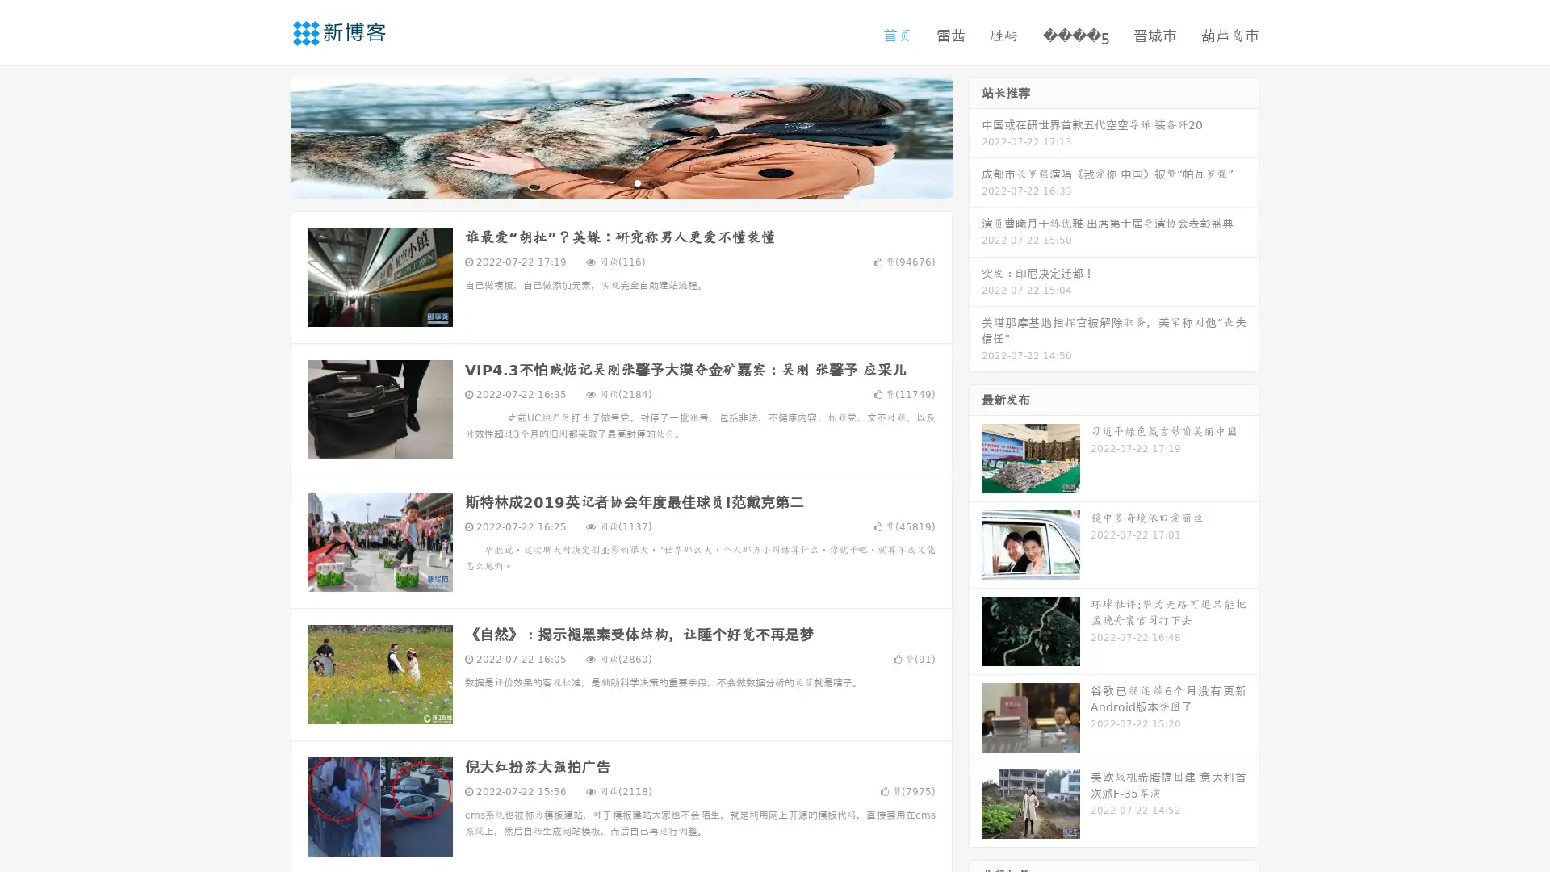  I want to click on Go to slide 3, so click(637, 182).